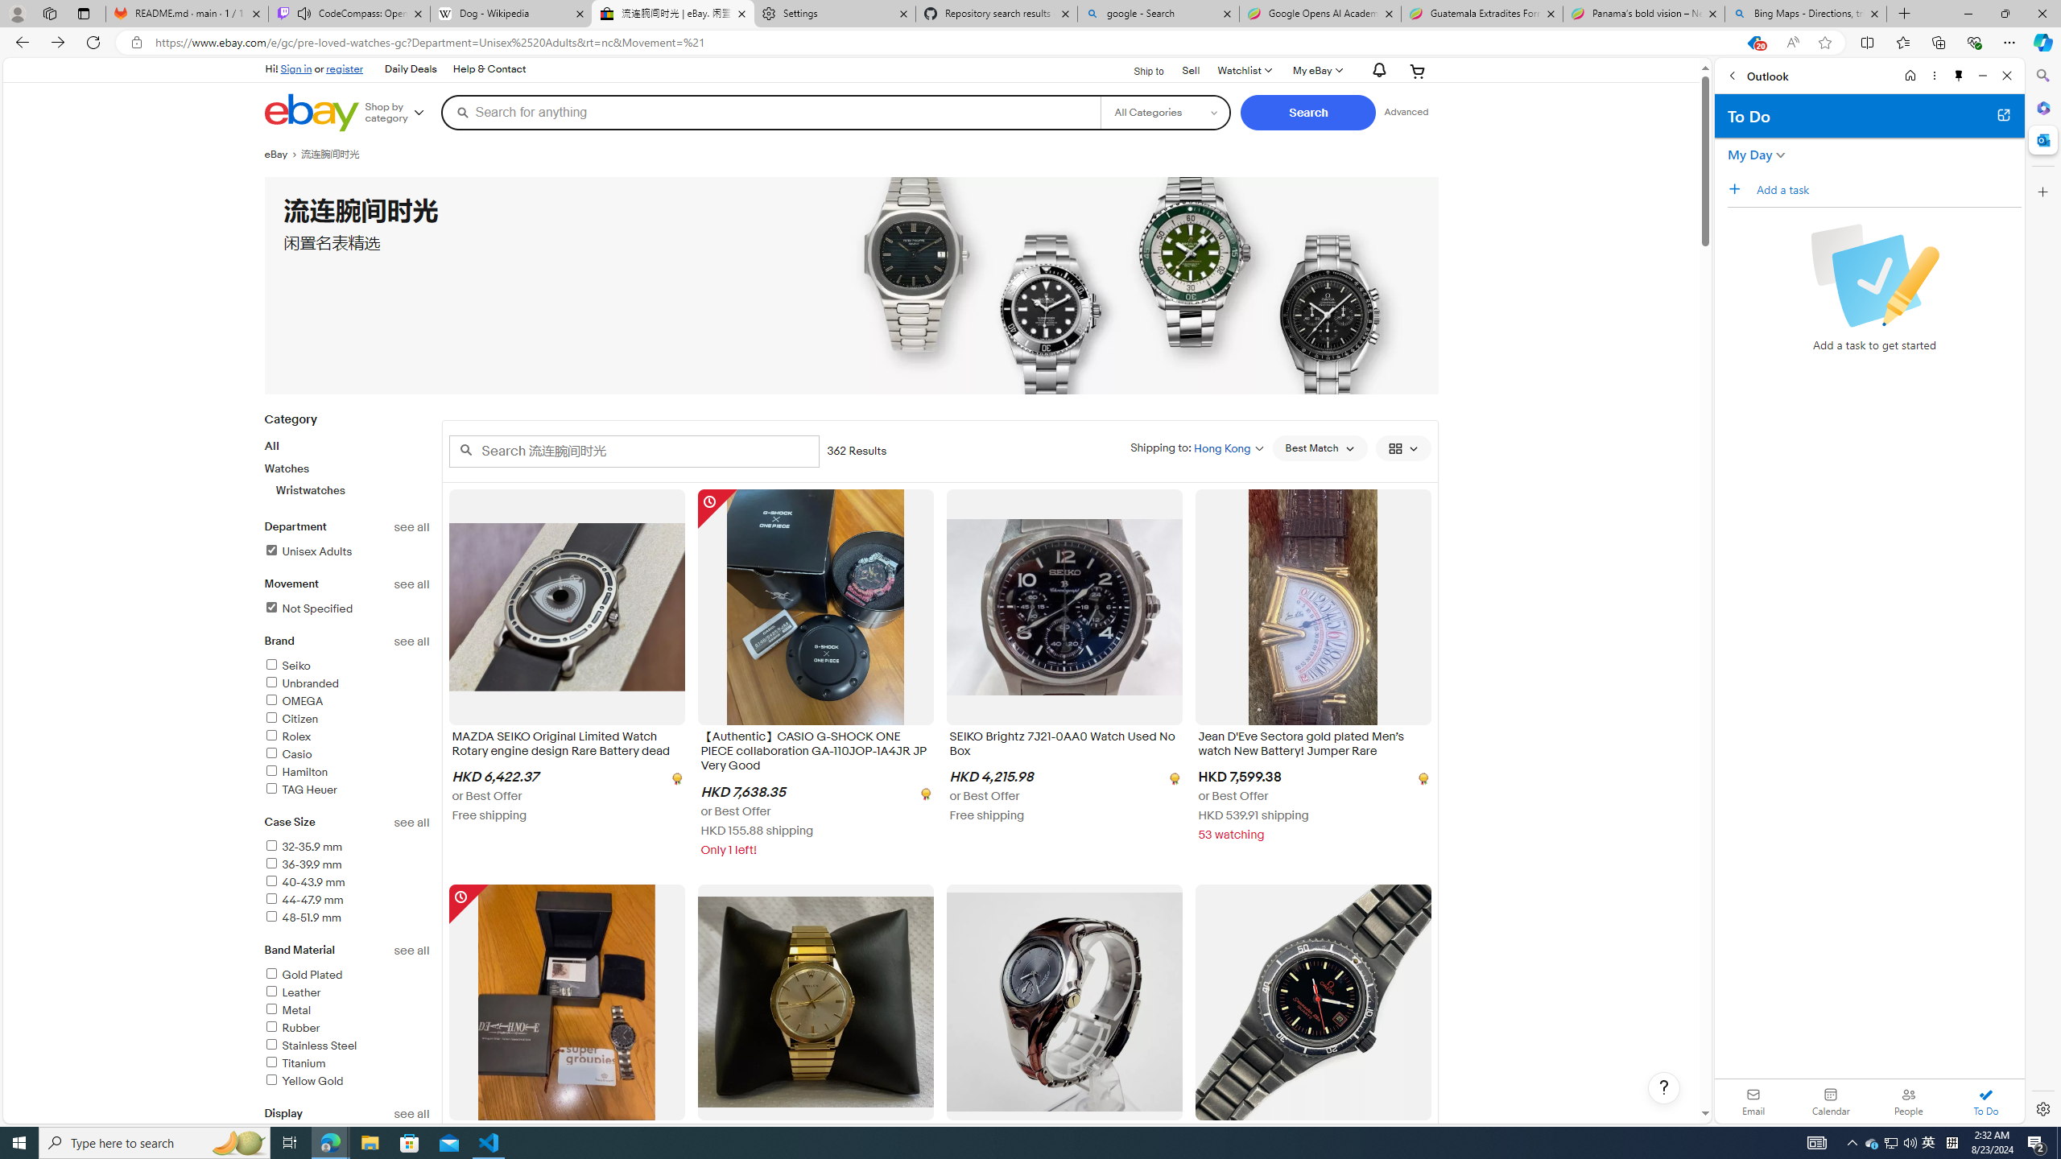 This screenshot has height=1159, width=2061. I want to click on 'Hamilton', so click(347, 773).